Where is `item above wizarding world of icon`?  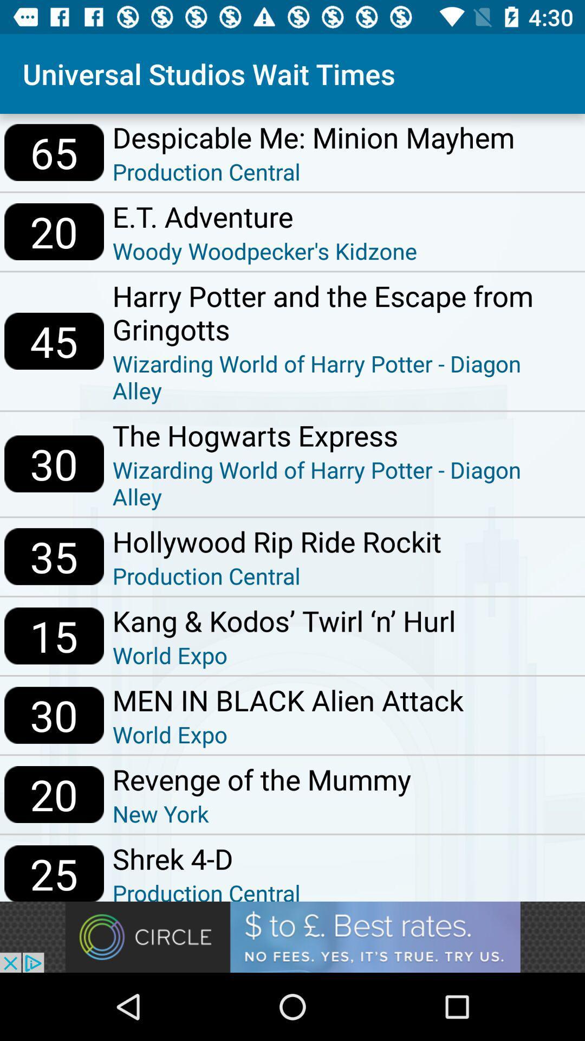 item above wizarding world of icon is located at coordinates (344, 435).